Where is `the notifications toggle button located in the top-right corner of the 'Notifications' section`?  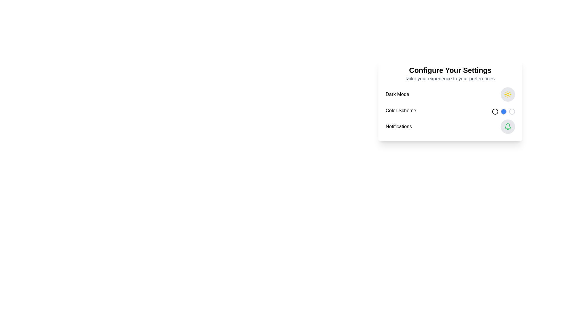
the notifications toggle button located in the top-right corner of the 'Notifications' section is located at coordinates (507, 126).